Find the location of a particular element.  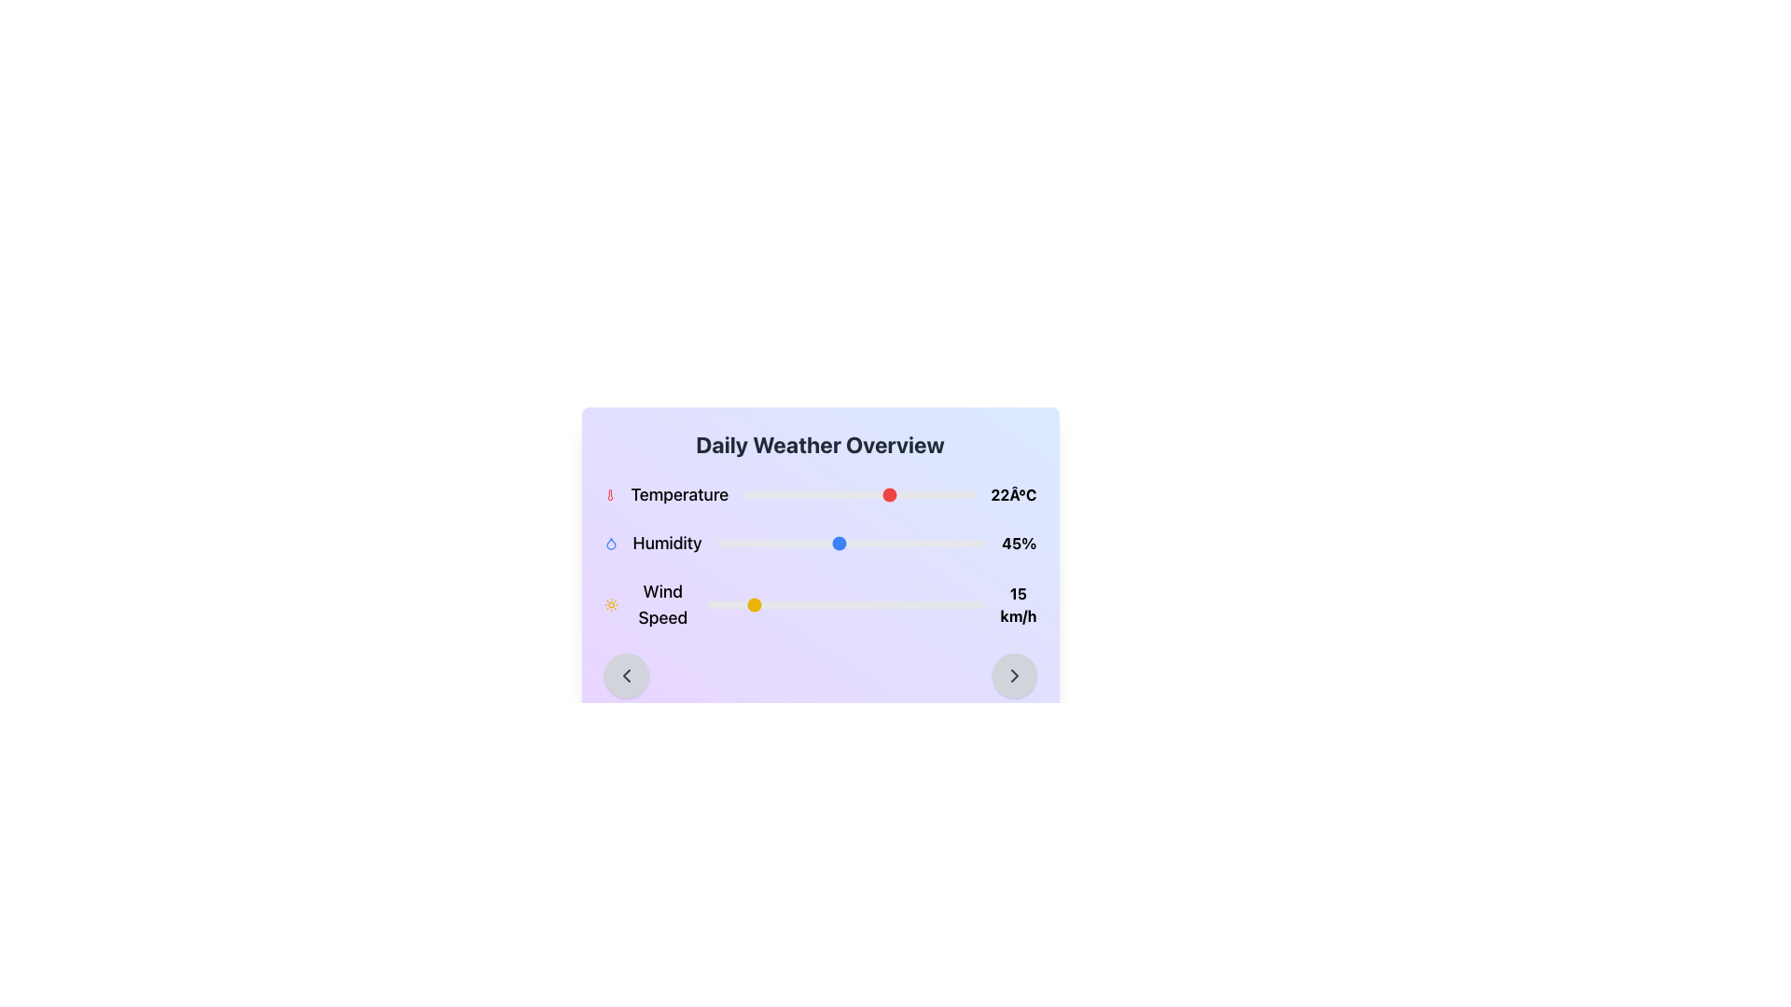

the static text label that displays the current humidity level percentage in the weather overview UI, located to the right of the humidity progress indicator is located at coordinates (1018, 543).